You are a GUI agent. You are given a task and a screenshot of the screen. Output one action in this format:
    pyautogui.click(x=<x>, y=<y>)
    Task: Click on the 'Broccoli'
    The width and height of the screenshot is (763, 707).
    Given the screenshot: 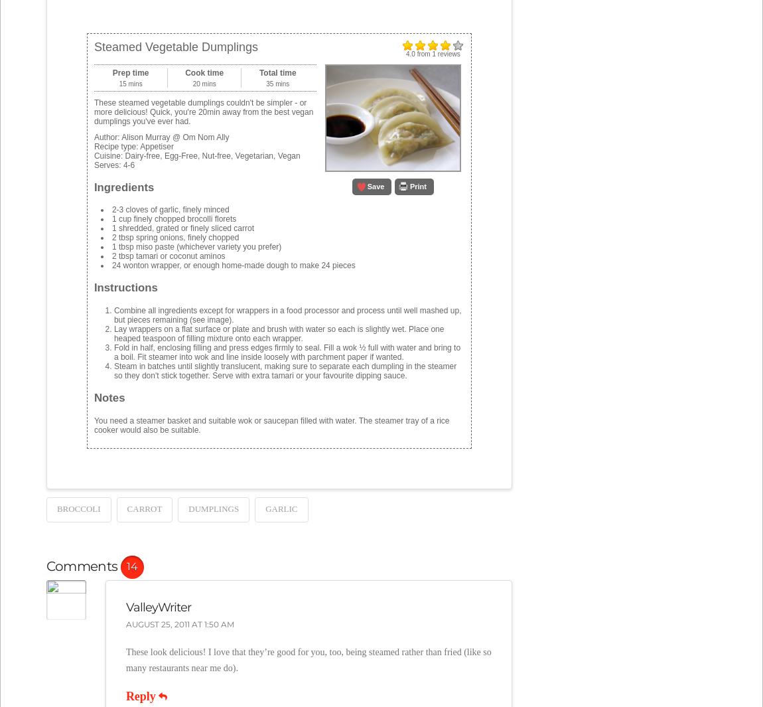 What is the action you would take?
    pyautogui.click(x=77, y=509)
    